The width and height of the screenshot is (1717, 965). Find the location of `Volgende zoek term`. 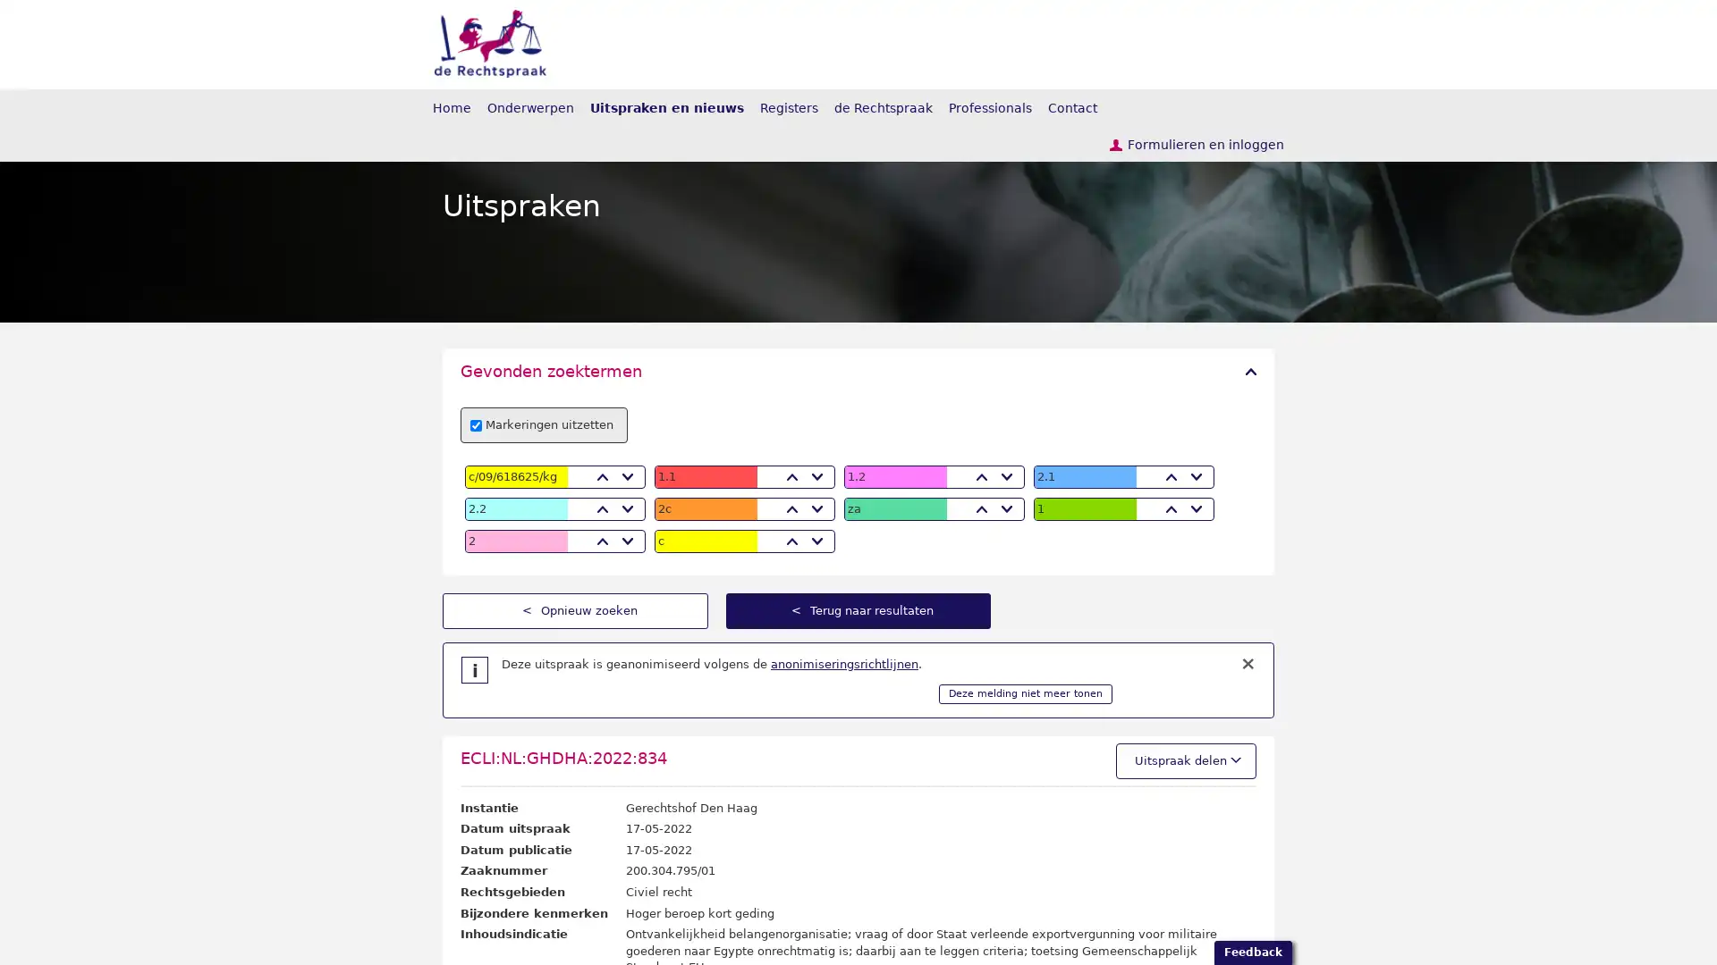

Volgende zoek term is located at coordinates (1197, 474).